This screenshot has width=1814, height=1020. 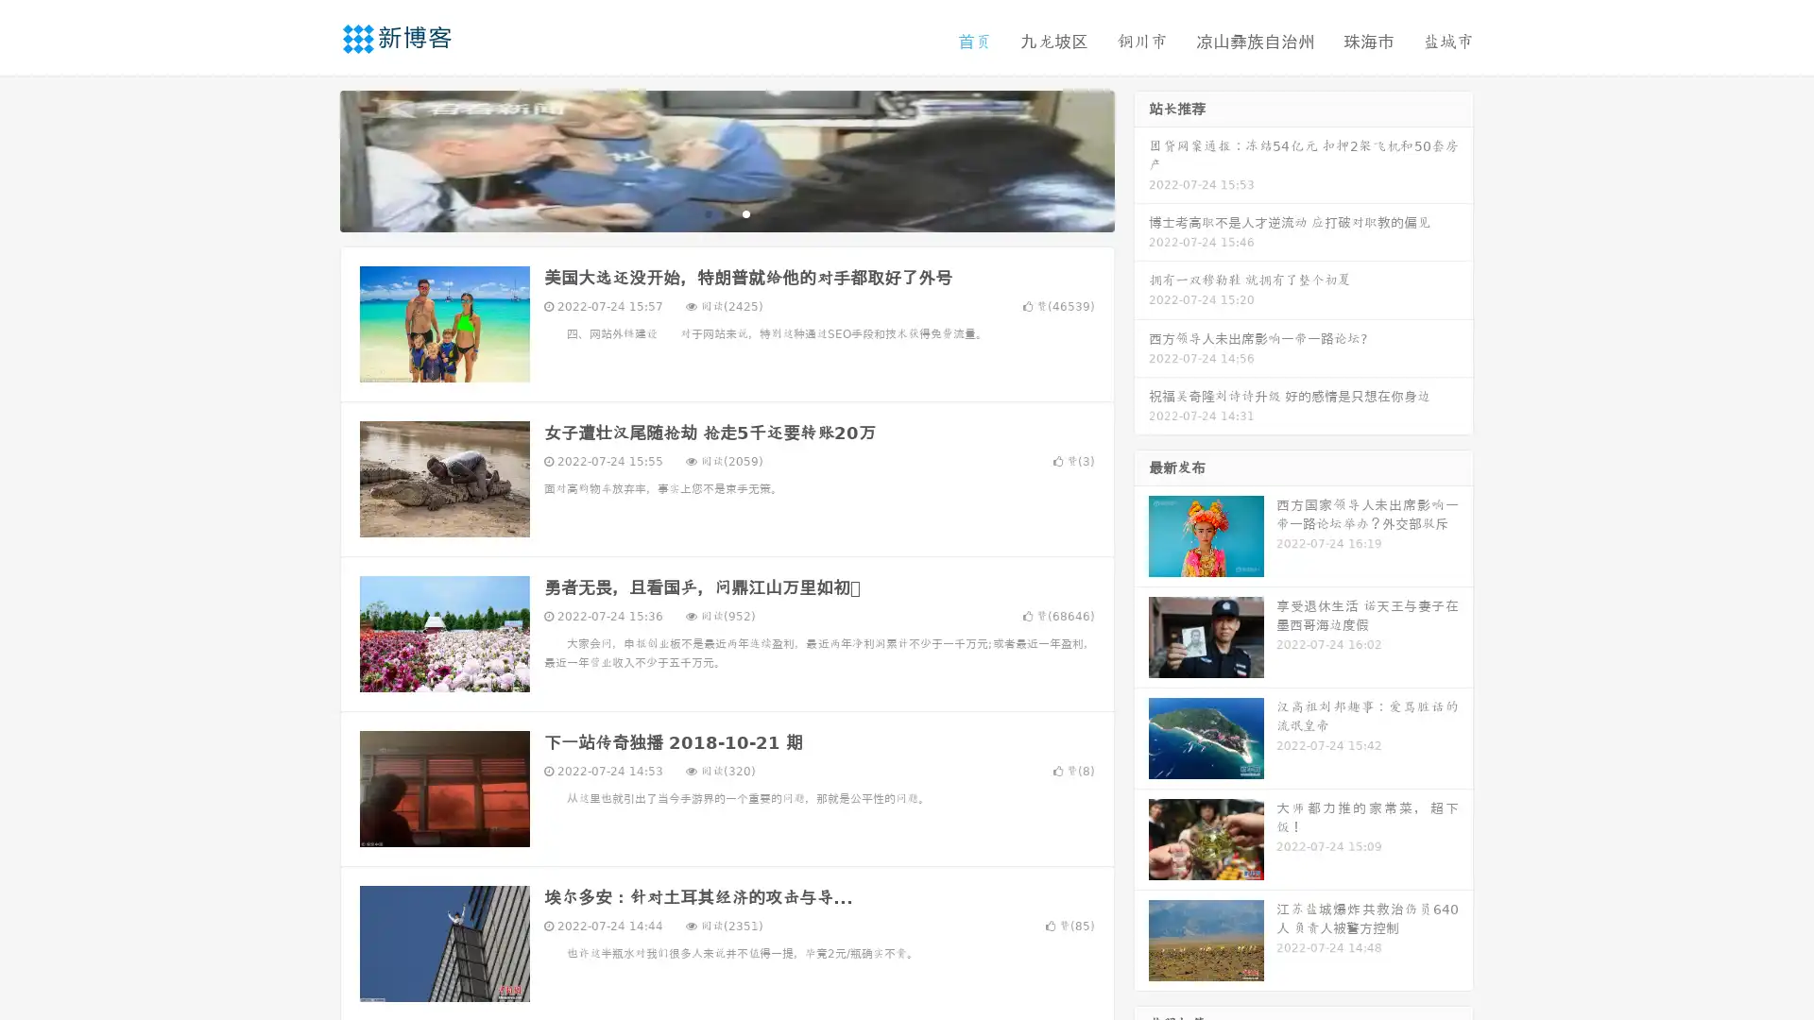 I want to click on Go to slide 1, so click(x=707, y=212).